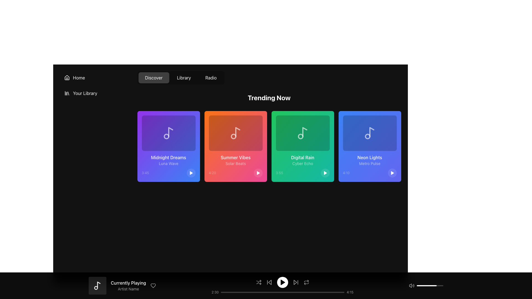 Image resolution: width=532 pixels, height=299 pixels. I want to click on the small circular shape styled as a filled circle, located within the musical note icon, positioned near the bottom-left of the icon, so click(96, 288).